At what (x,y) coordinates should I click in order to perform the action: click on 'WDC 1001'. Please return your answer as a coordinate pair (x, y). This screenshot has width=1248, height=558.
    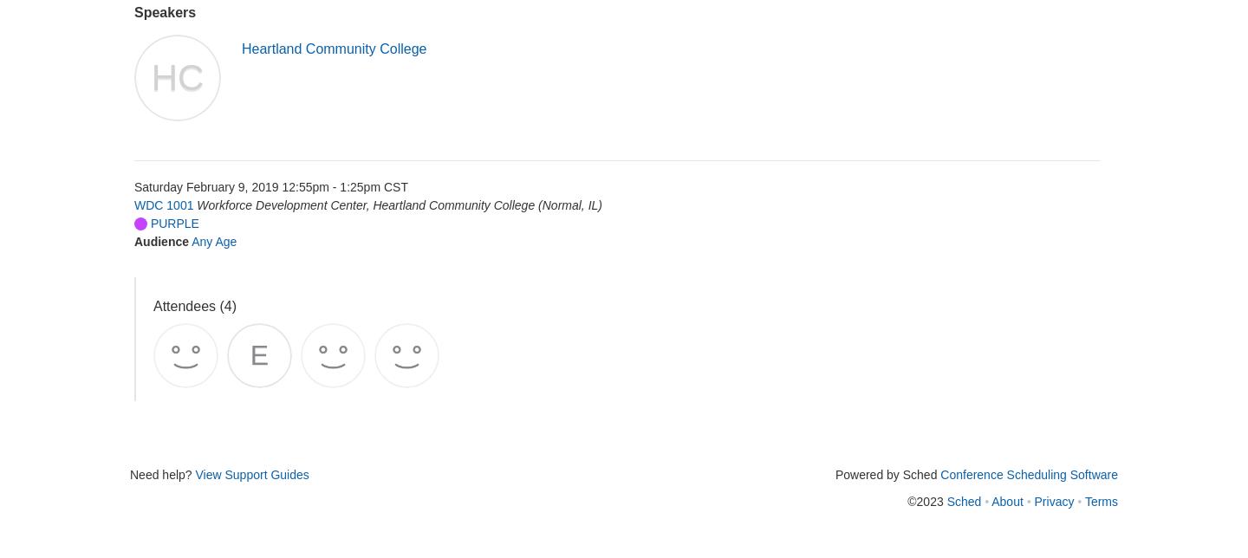
    Looking at the image, I should click on (164, 204).